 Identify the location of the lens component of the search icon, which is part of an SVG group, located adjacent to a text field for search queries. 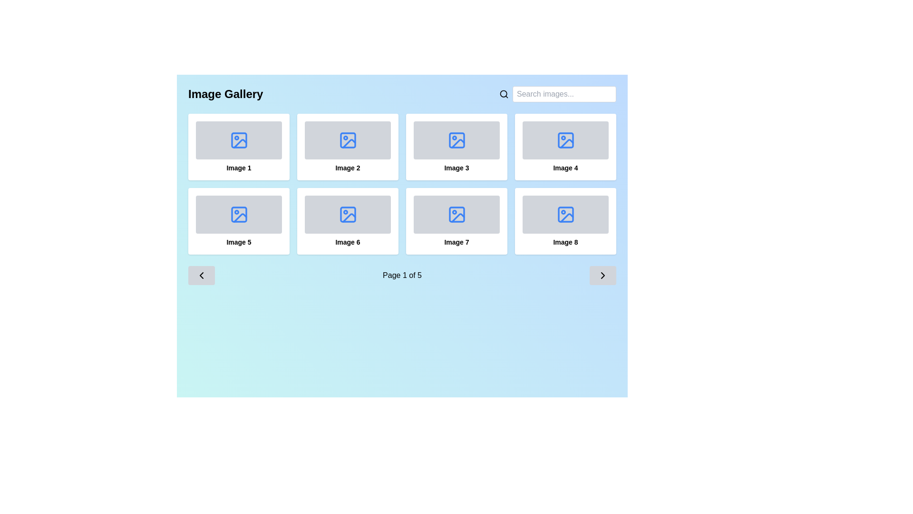
(503, 94).